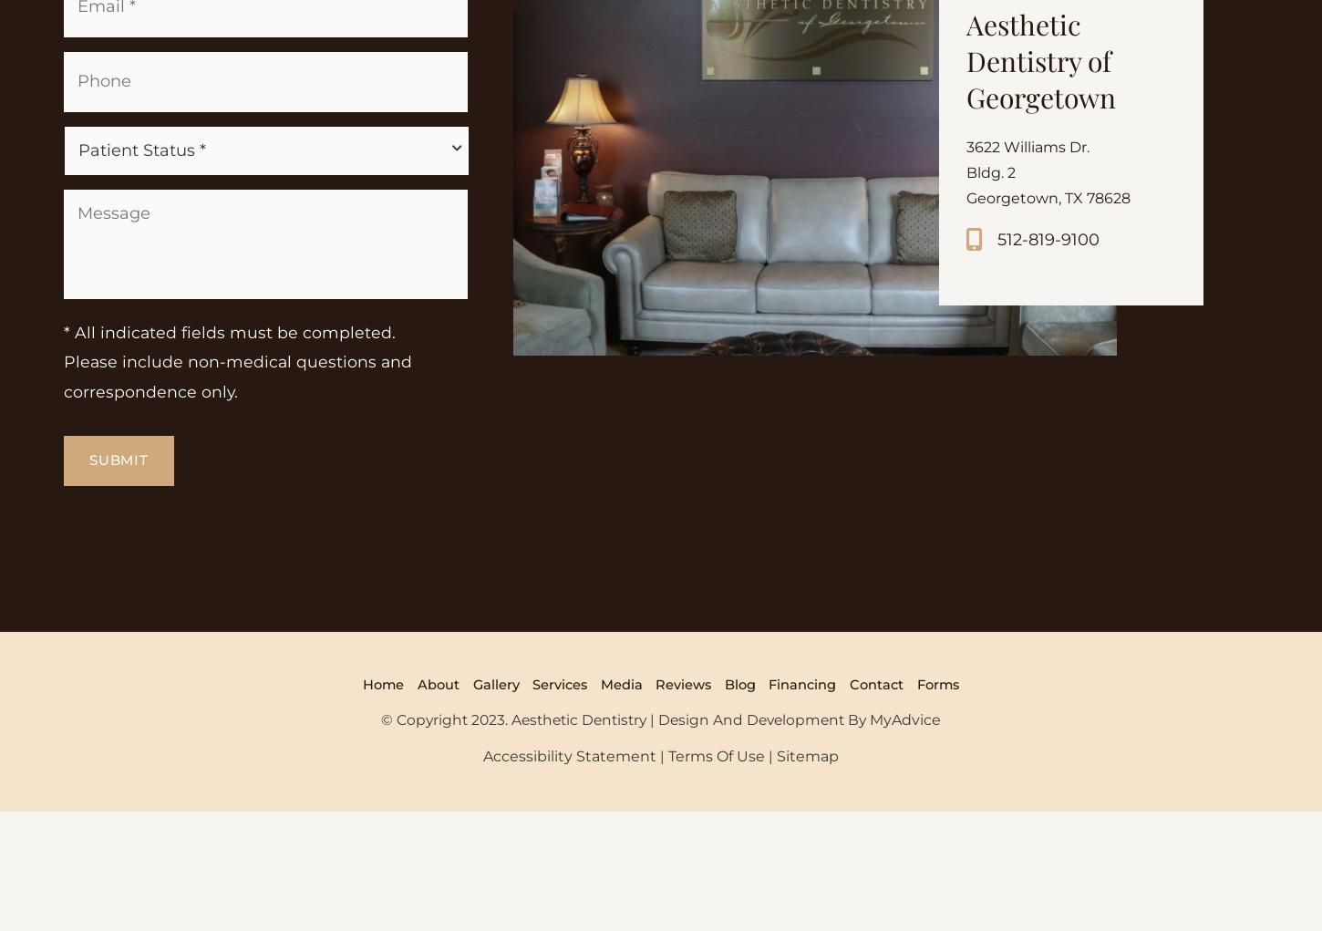  Describe the element at coordinates (1056, 329) in the screenshot. I see `'Georgetown, TX 78628'` at that location.